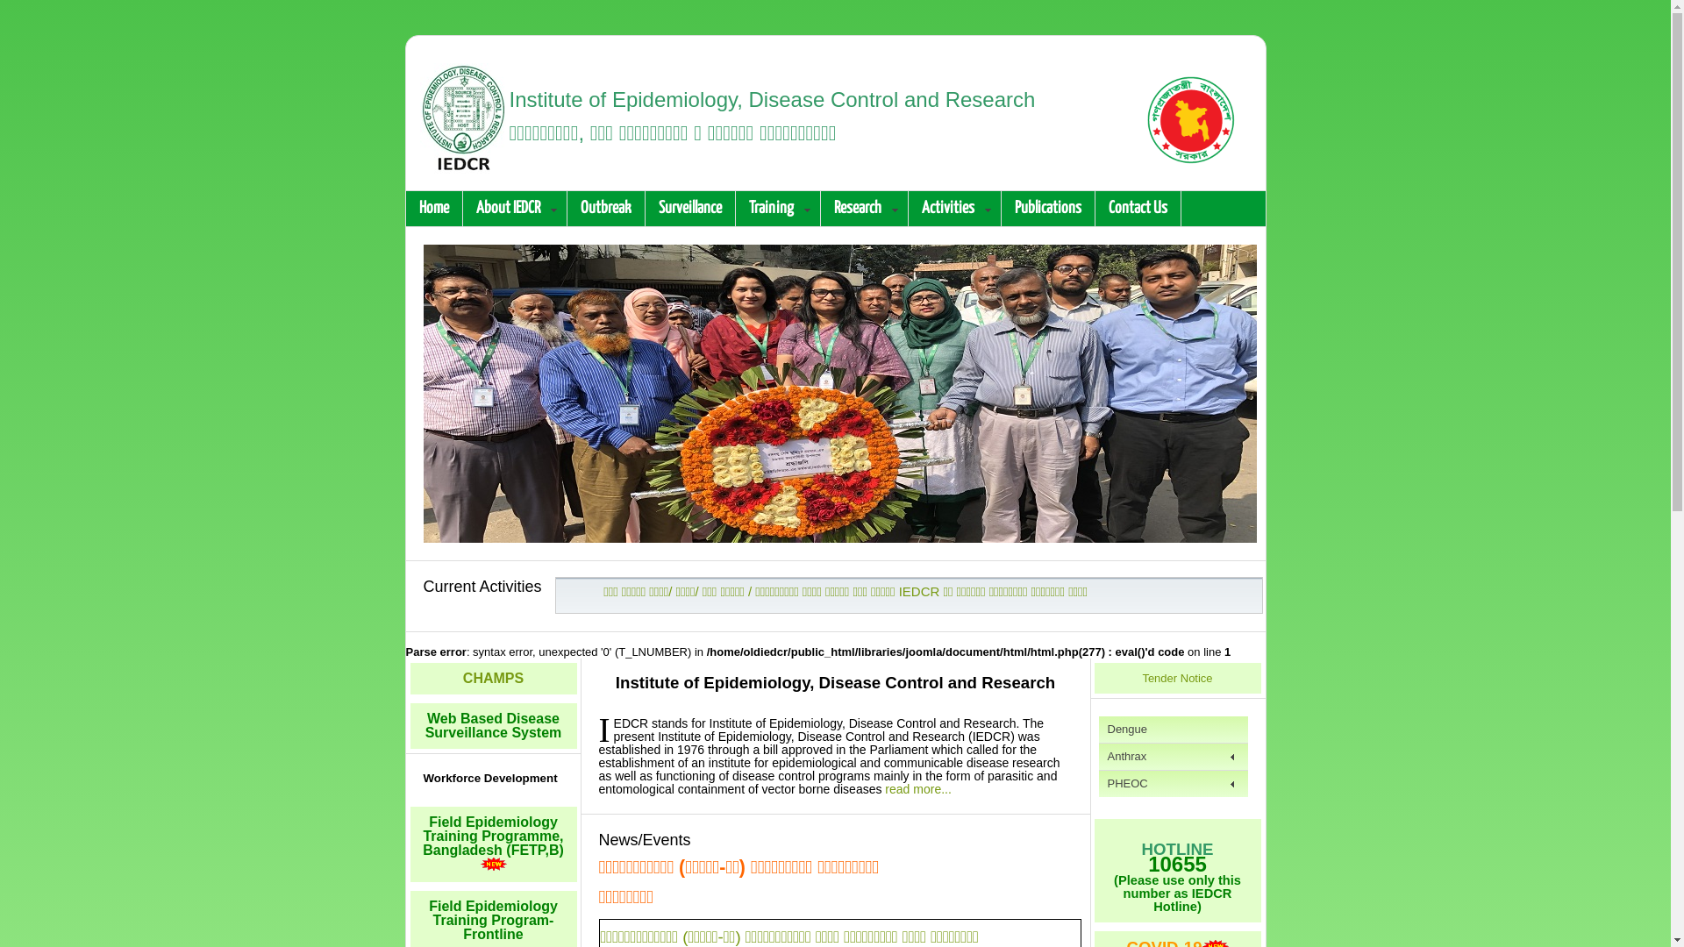  I want to click on 'Dengue', so click(1106, 730).